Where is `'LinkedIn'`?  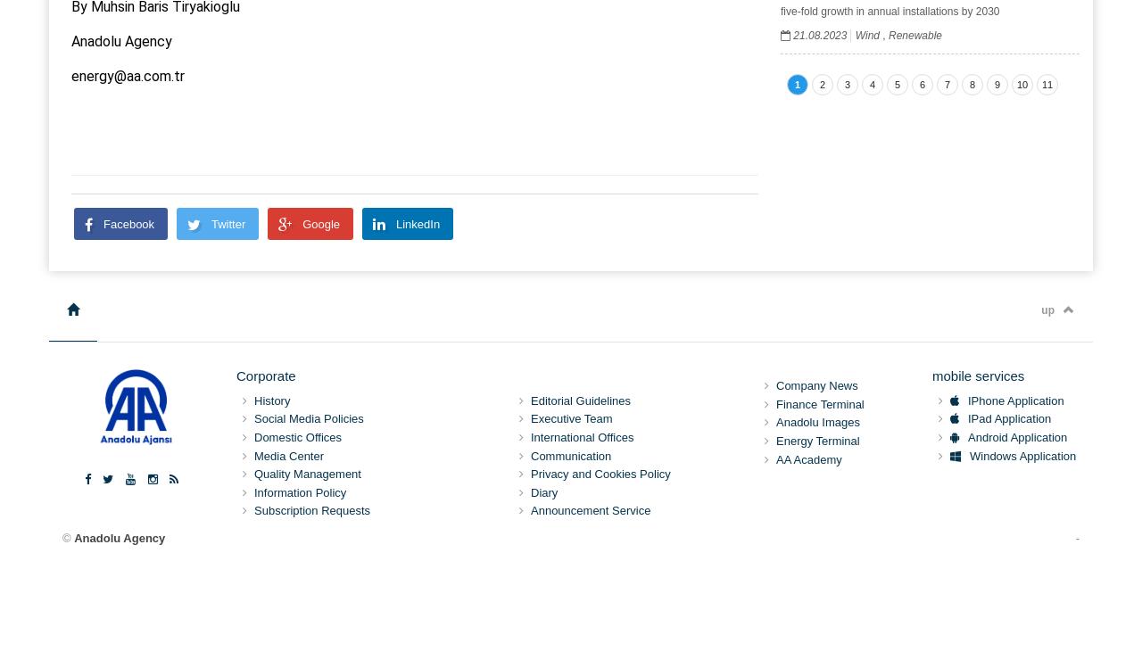 'LinkedIn' is located at coordinates (416, 222).